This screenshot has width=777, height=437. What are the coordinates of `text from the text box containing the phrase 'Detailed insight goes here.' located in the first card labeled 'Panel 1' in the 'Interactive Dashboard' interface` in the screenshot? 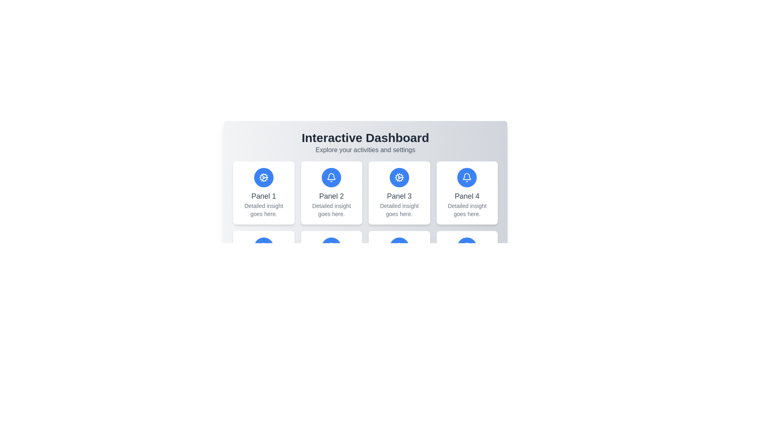 It's located at (263, 210).